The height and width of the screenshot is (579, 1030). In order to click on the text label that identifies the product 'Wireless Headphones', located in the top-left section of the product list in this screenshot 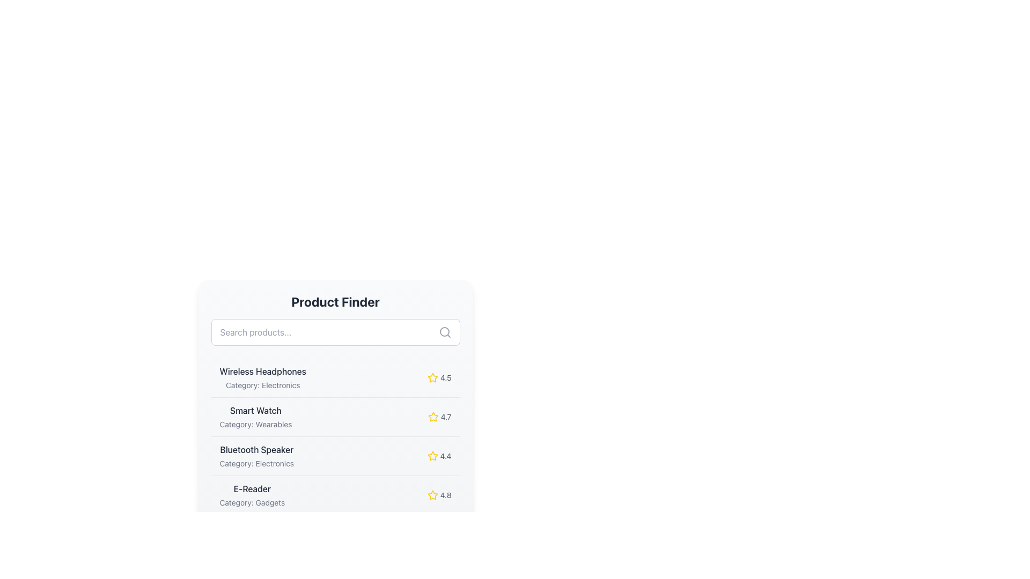, I will do `click(263, 371)`.